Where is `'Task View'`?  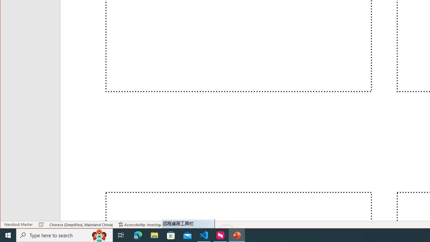 'Task View' is located at coordinates (121, 235).